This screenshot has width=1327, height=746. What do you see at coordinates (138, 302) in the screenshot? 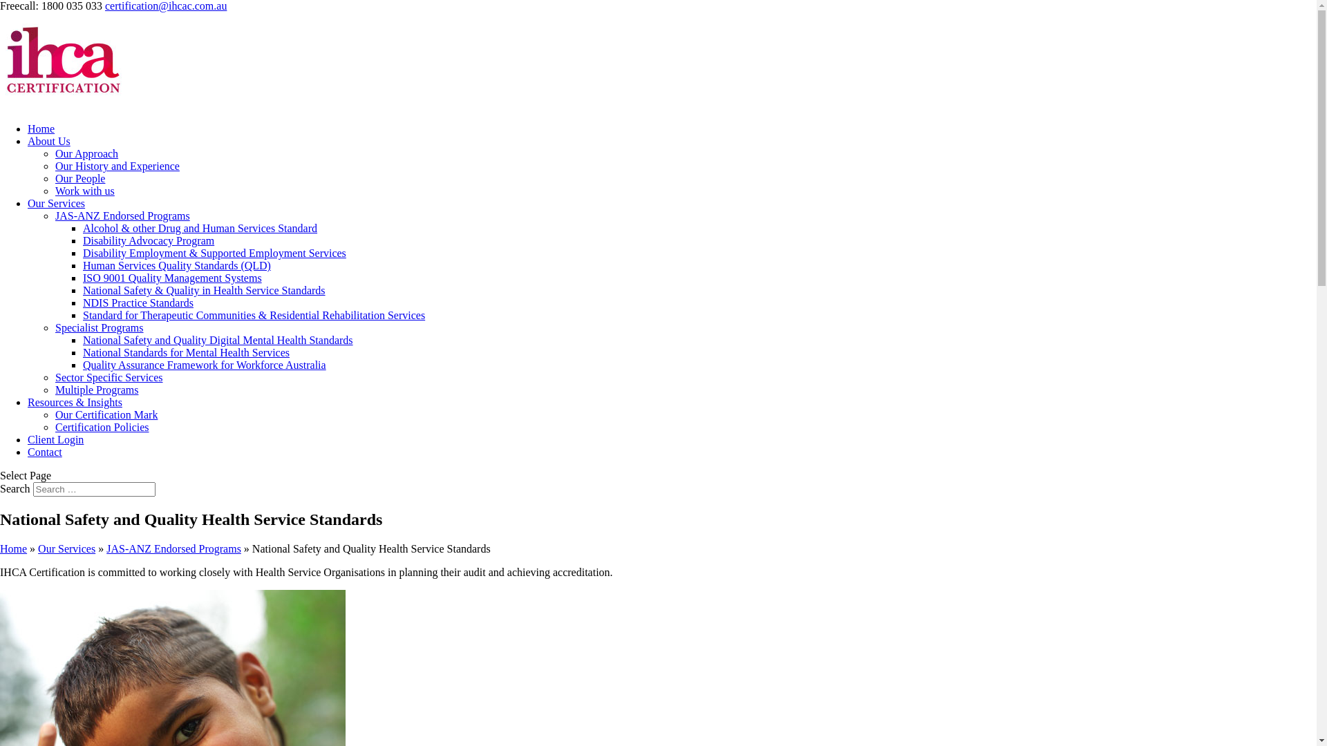
I see `'NDIS Practice Standards'` at bounding box center [138, 302].